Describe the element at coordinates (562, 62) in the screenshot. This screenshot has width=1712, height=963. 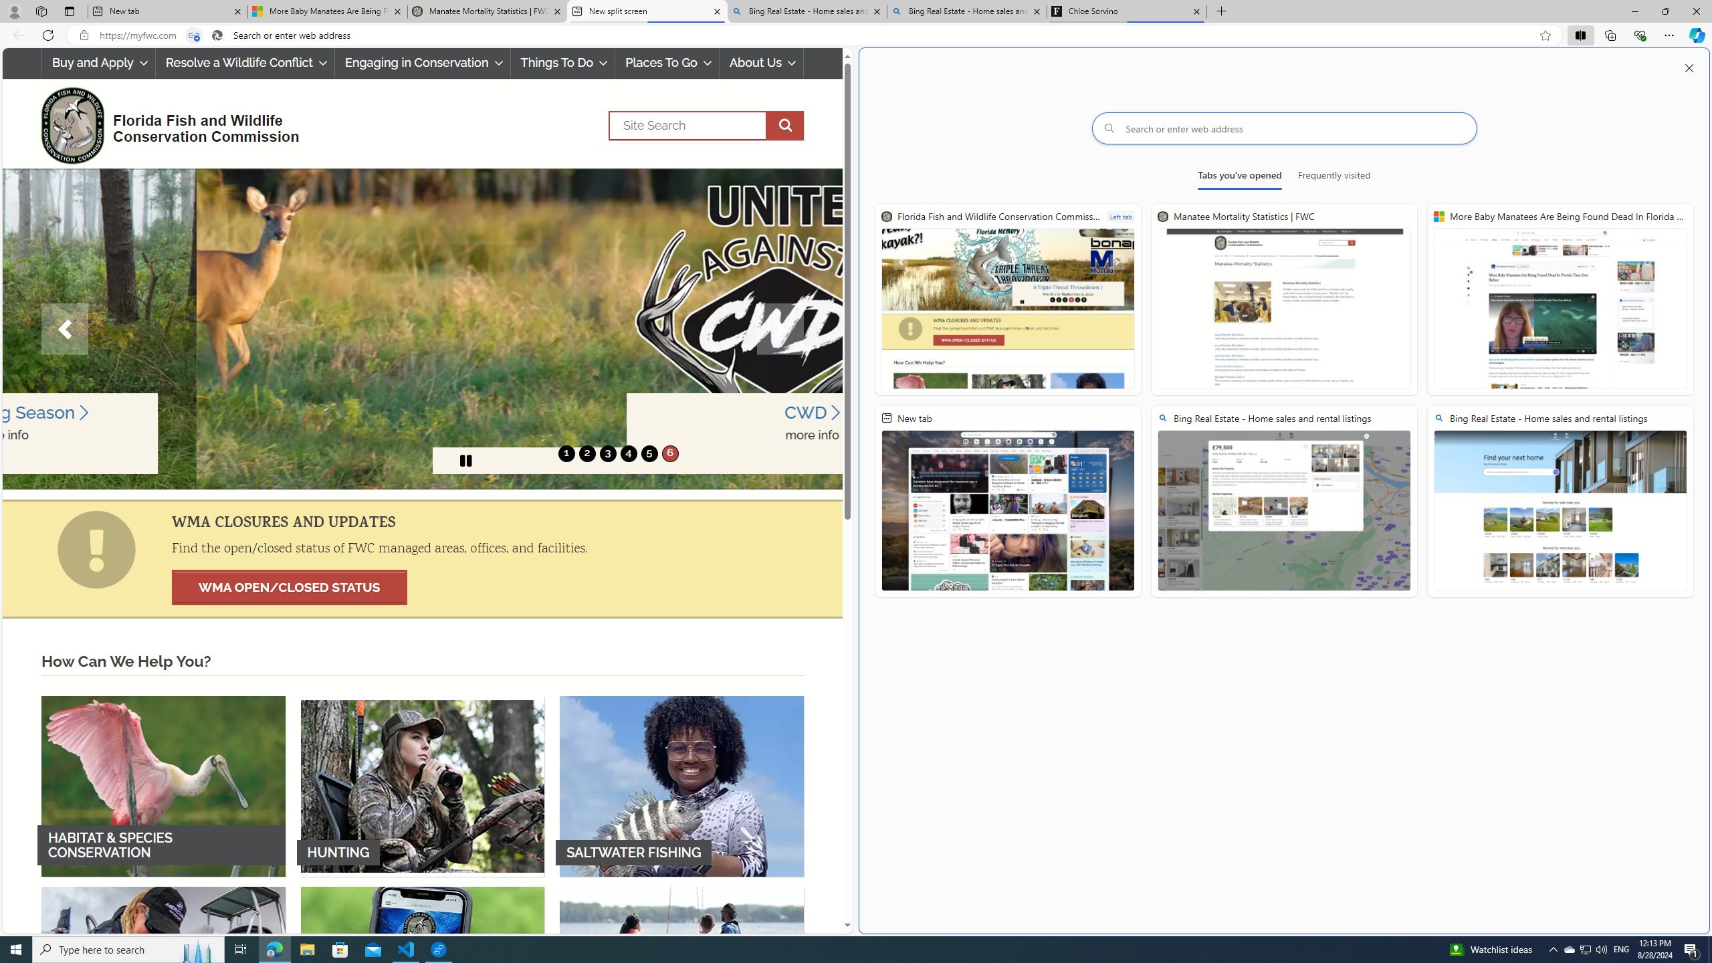
I see `'Things To Do'` at that location.